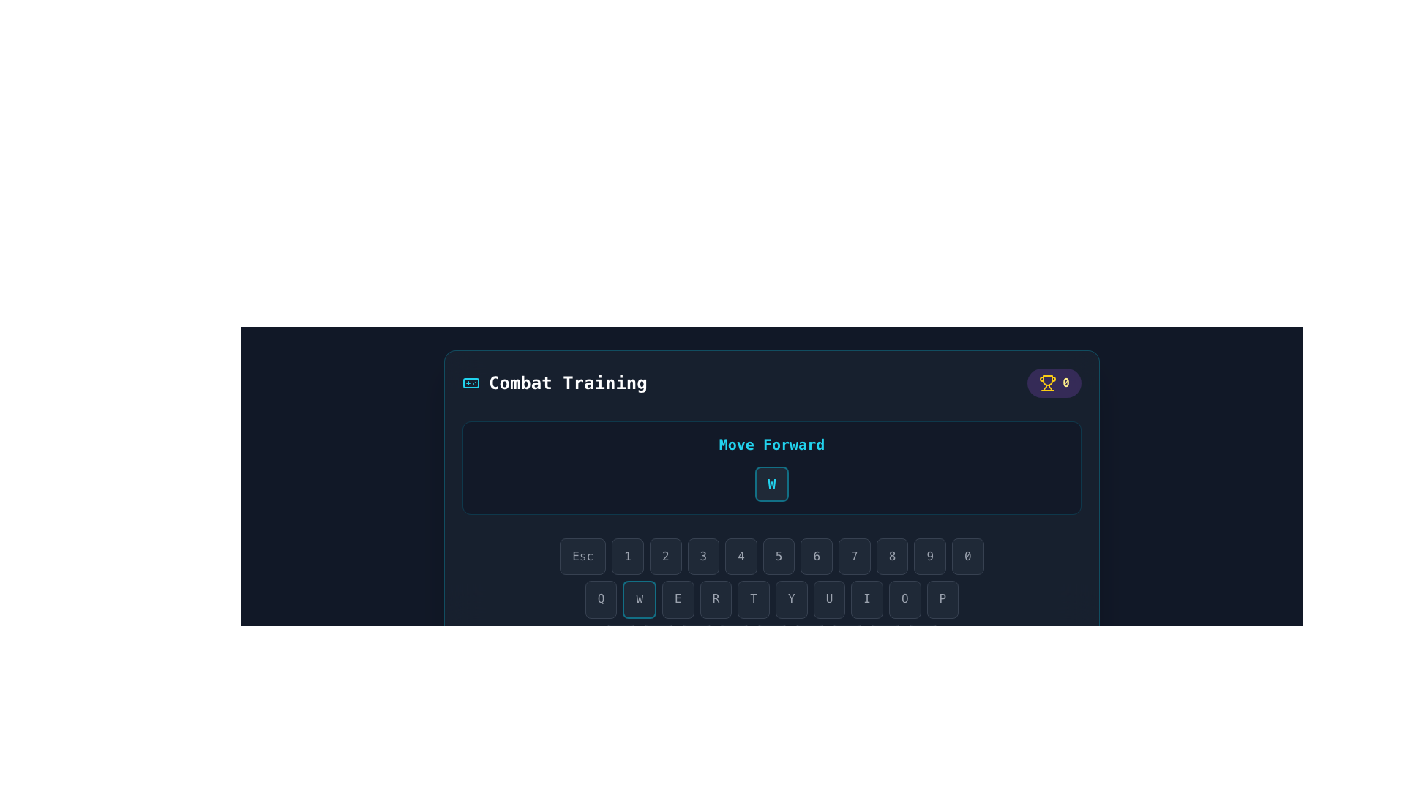 The image size is (1405, 790). Describe the element at coordinates (828, 600) in the screenshot. I see `the 'U' key on the virtual keyboard to simulate a key press` at that location.